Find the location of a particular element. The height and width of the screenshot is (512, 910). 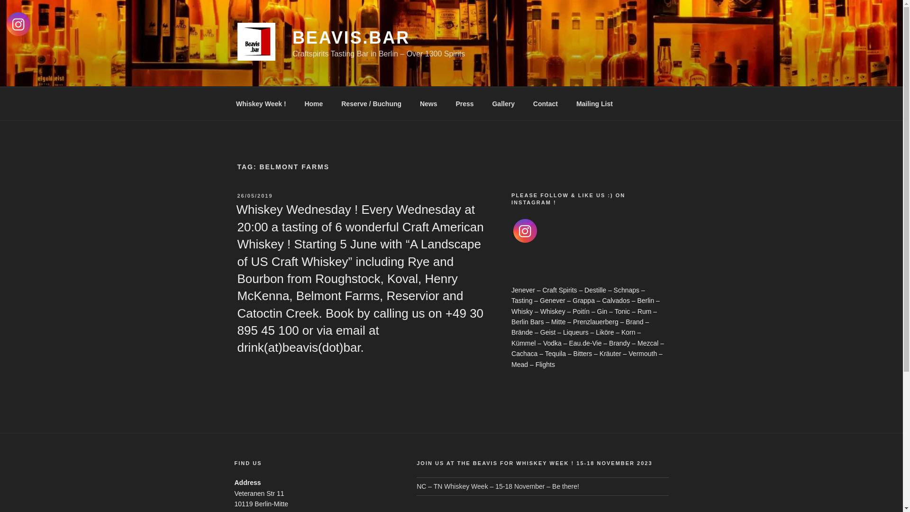

'Press' is located at coordinates (464, 103).